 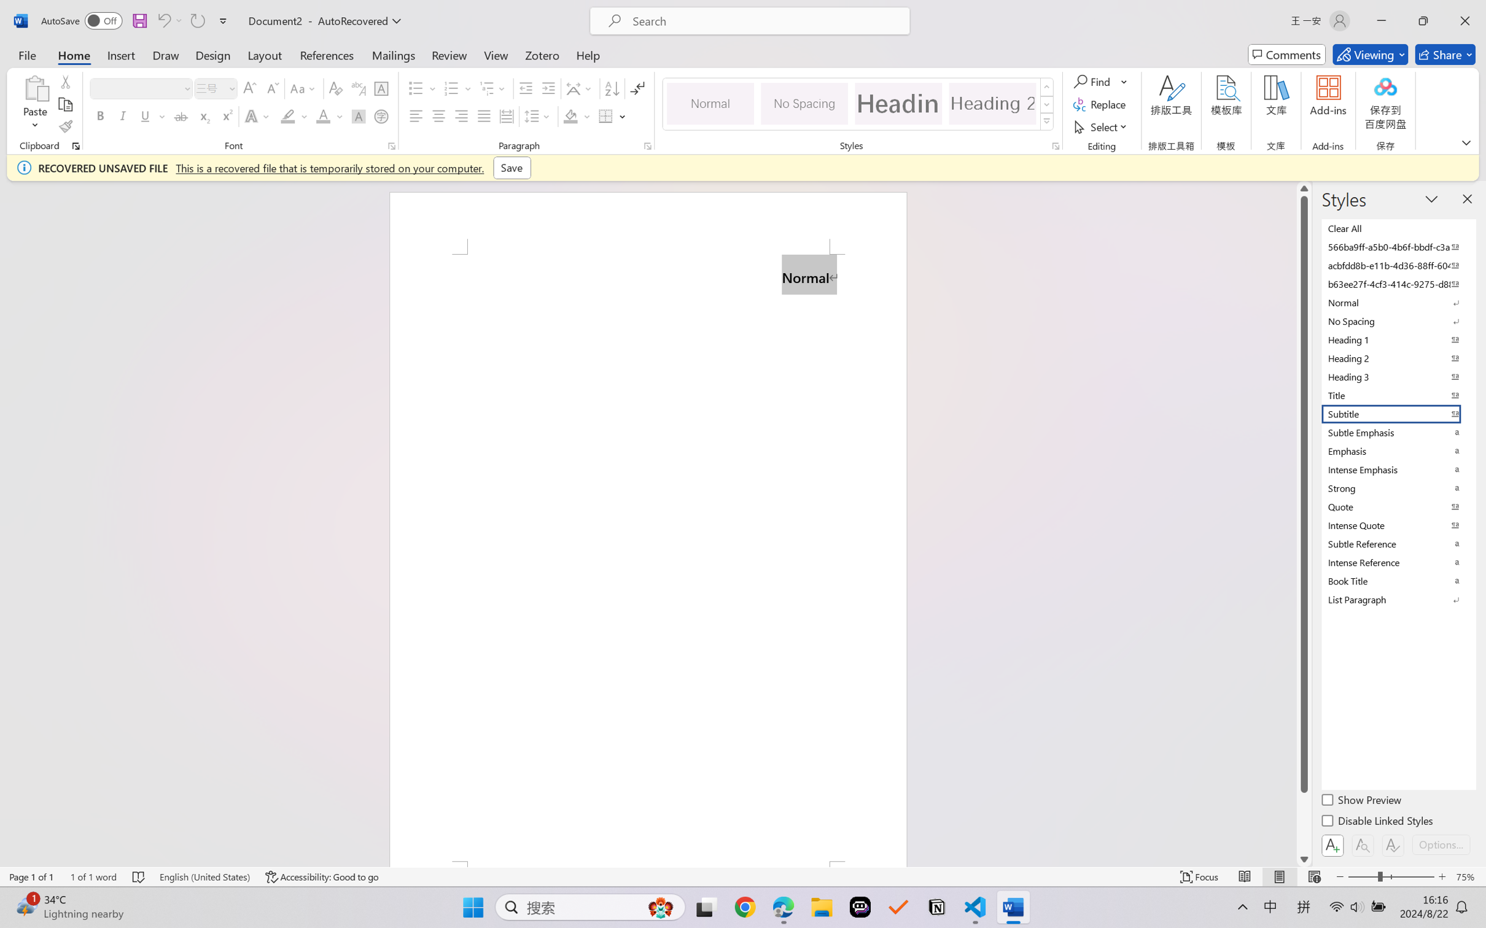 What do you see at coordinates (992, 103) in the screenshot?
I see `'Heading 2'` at bounding box center [992, 103].